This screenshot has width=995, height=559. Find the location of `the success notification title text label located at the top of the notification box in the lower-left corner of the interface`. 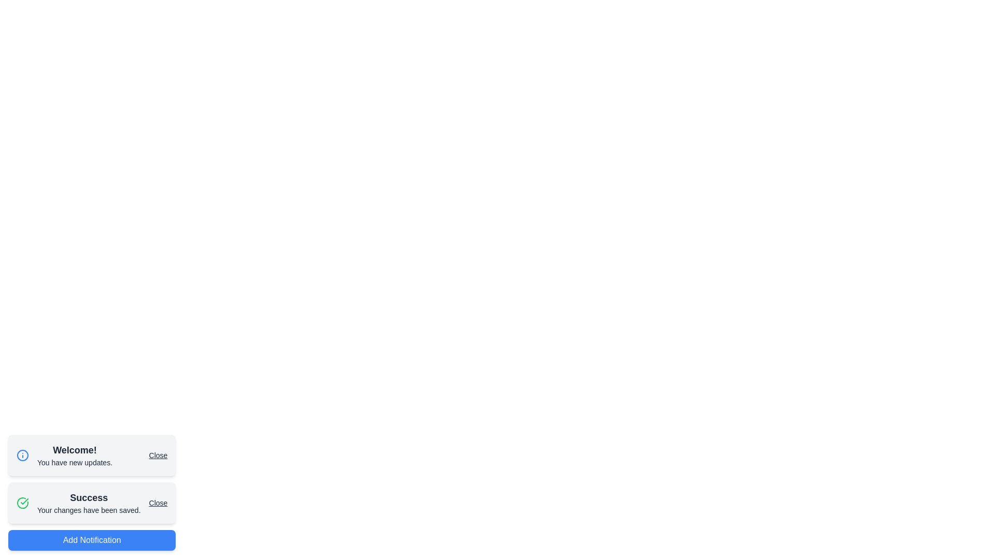

the success notification title text label located at the top of the notification box in the lower-left corner of the interface is located at coordinates (89, 497).